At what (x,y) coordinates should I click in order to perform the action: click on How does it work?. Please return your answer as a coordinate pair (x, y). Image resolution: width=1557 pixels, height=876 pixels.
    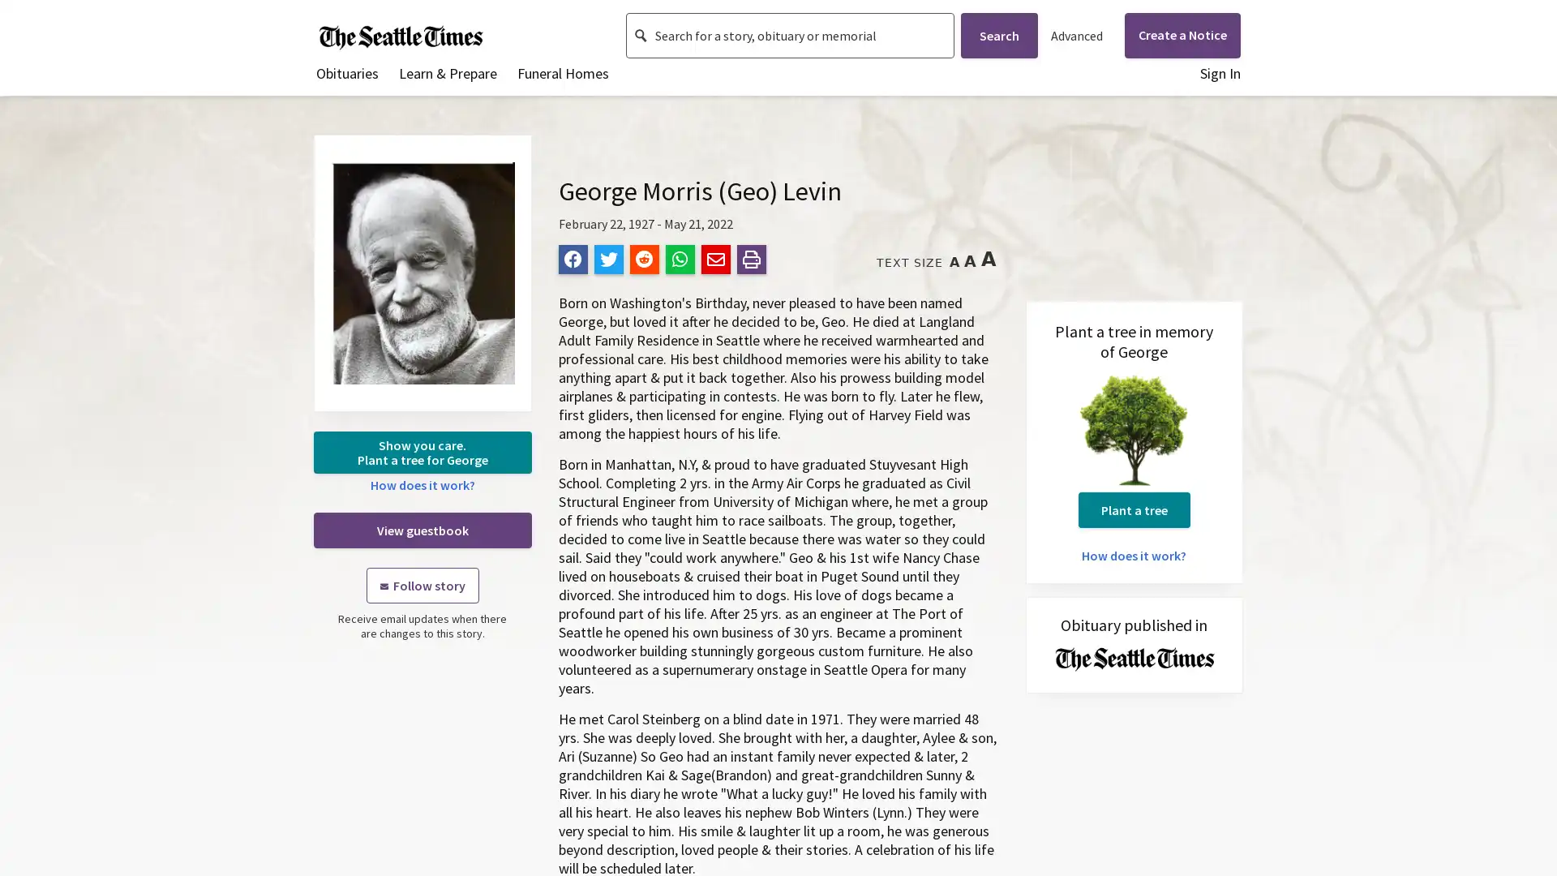
    Looking at the image, I should click on (422, 483).